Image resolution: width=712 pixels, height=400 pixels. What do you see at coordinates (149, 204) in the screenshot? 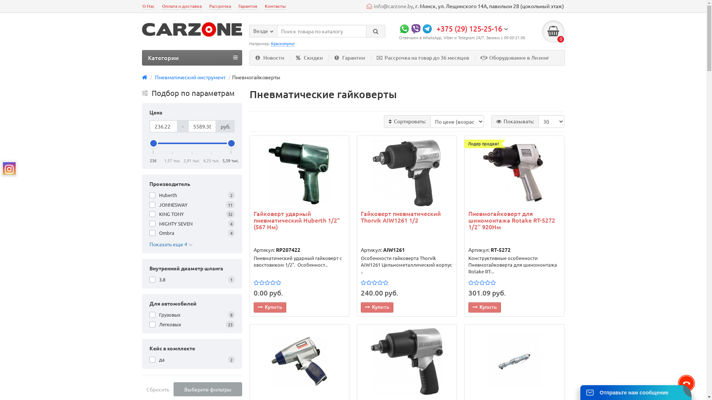
I see `'JONNESWAY` at bounding box center [149, 204].